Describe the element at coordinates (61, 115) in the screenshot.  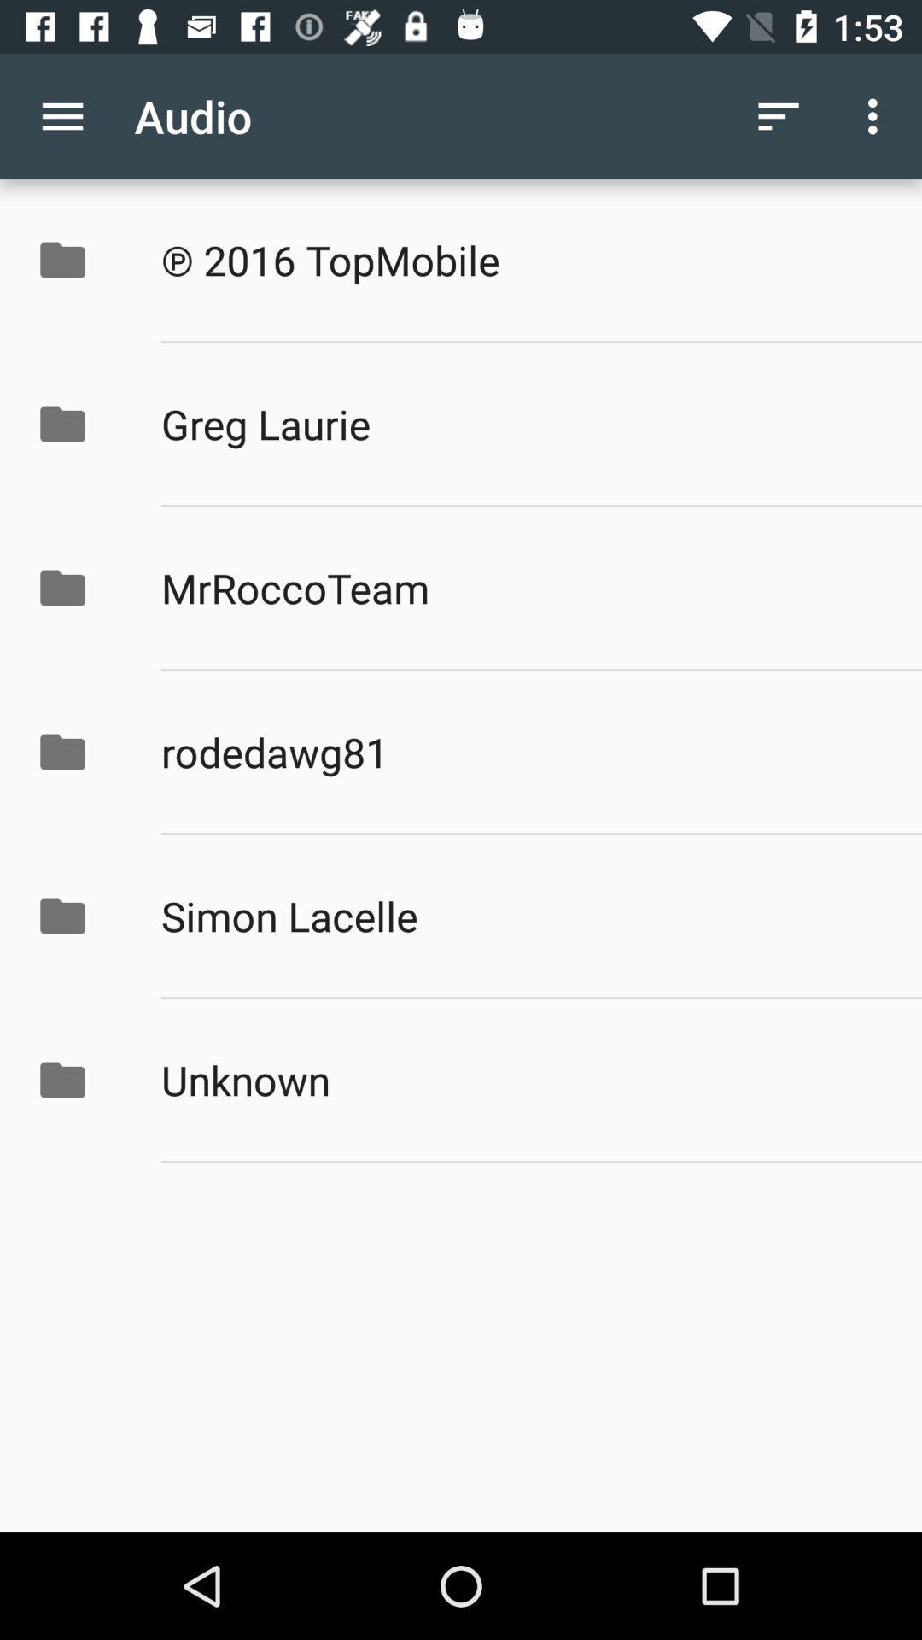
I see `icon to the left of the audio` at that location.